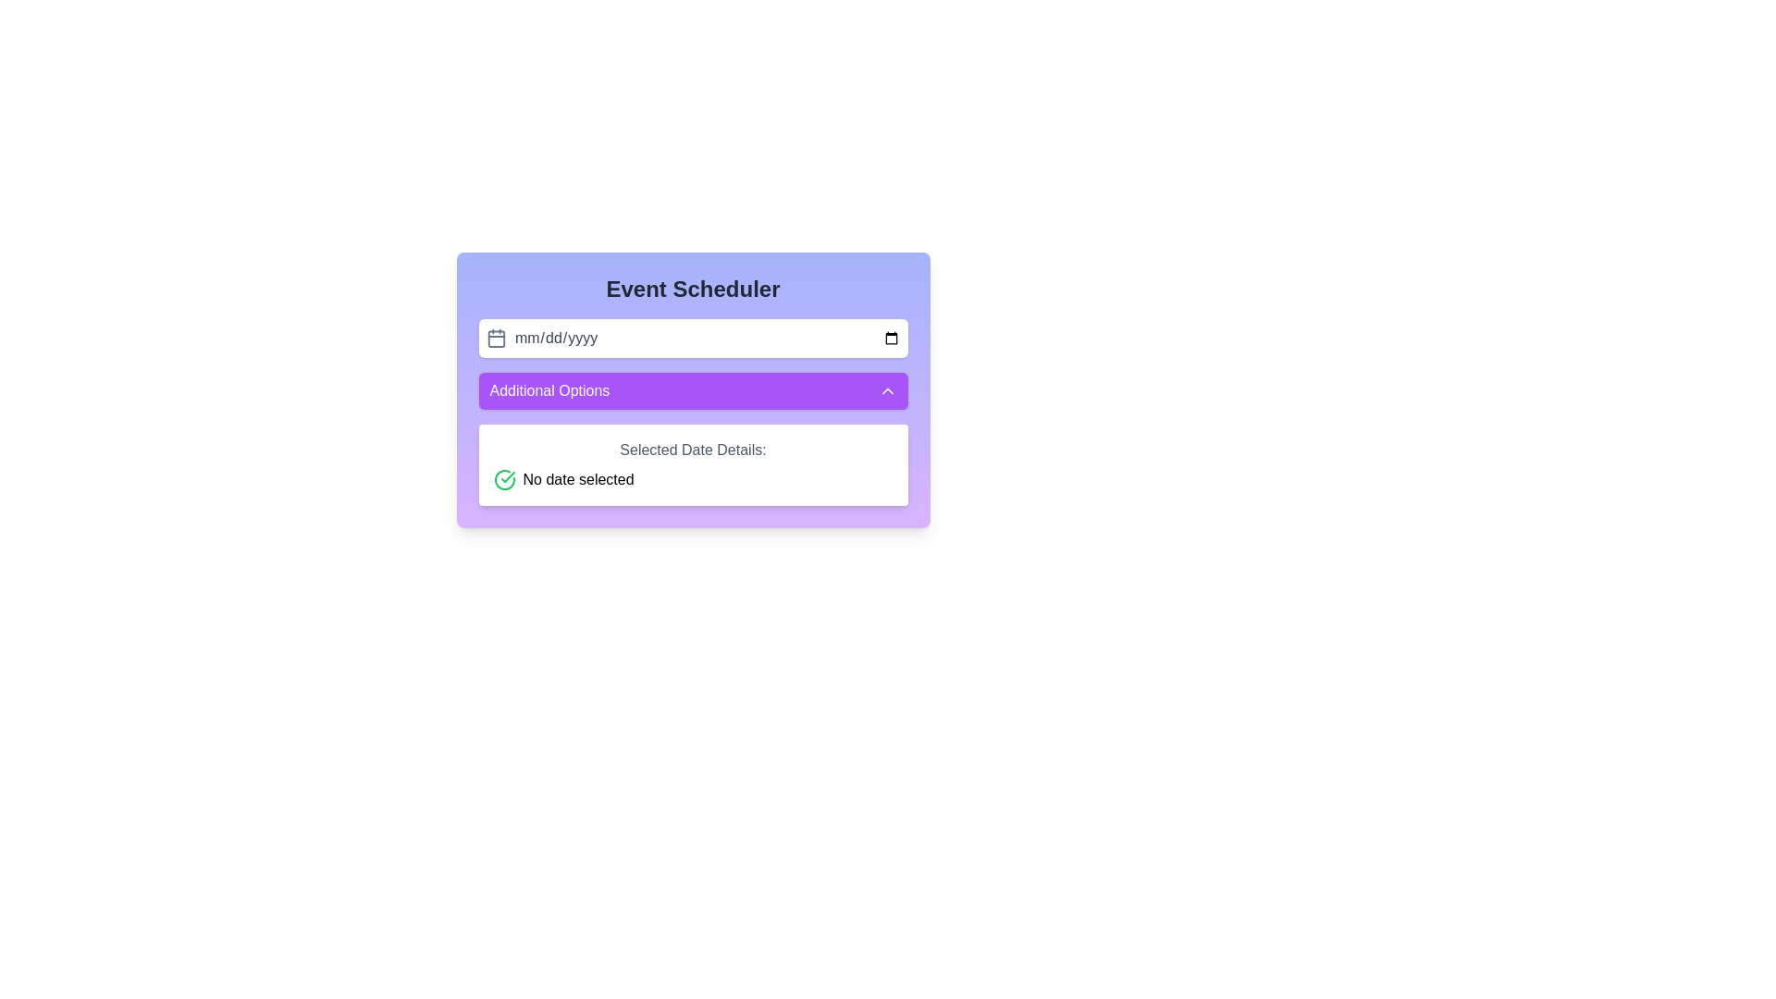  I want to click on to focus the date input field, which is a minimal styled rectangular input with a placeholder 'mm/dd/yyyy' and no visible border, so click(706, 339).